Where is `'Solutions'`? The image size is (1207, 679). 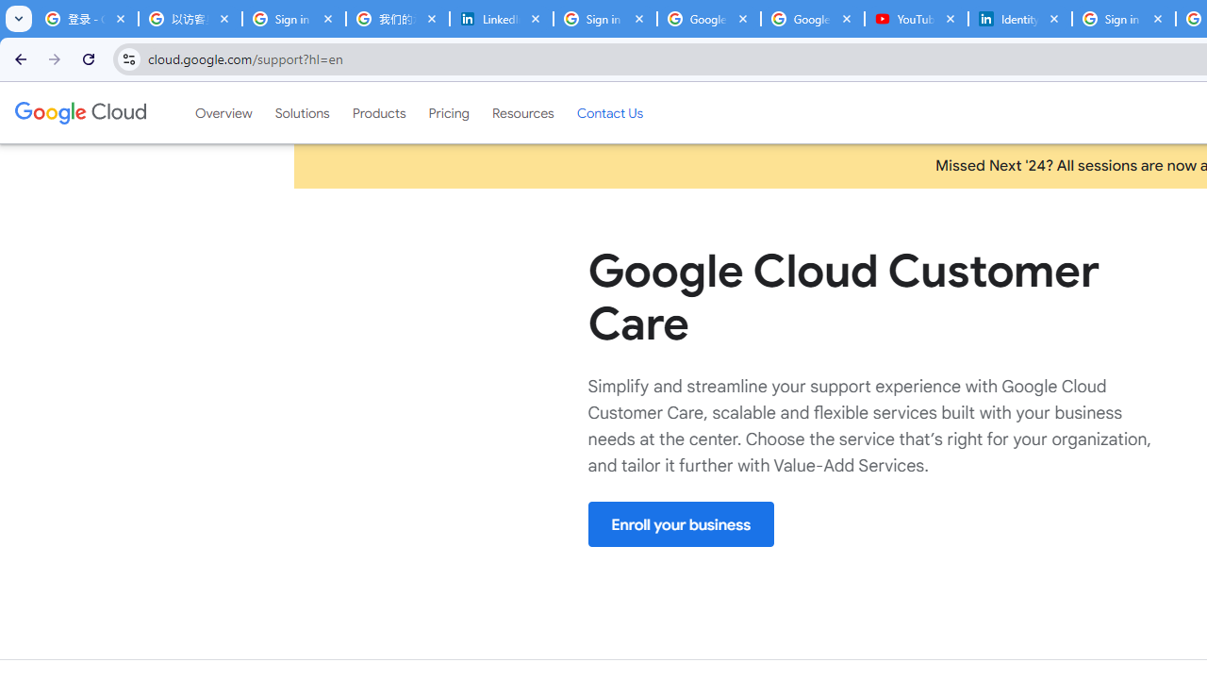 'Solutions' is located at coordinates (302, 112).